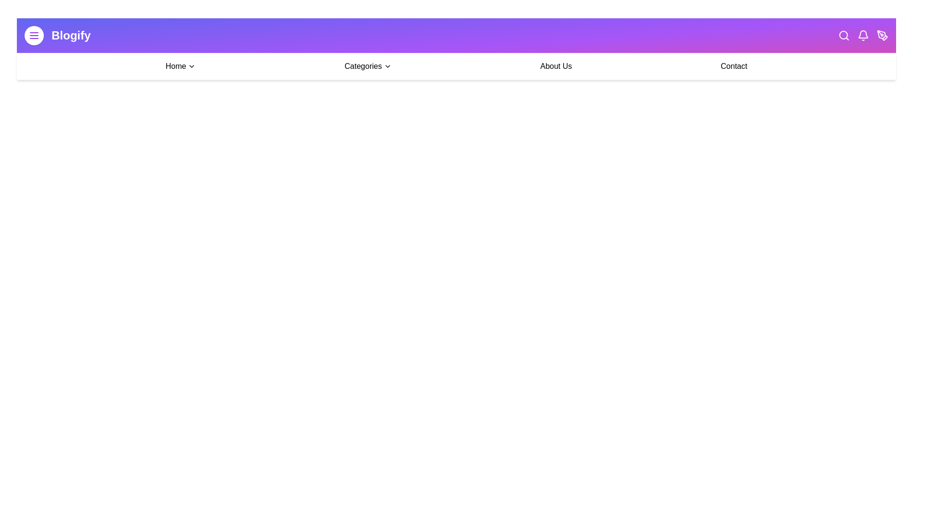  Describe the element at coordinates (555, 66) in the screenshot. I see `the 'About Us' link in the navigation bar` at that location.